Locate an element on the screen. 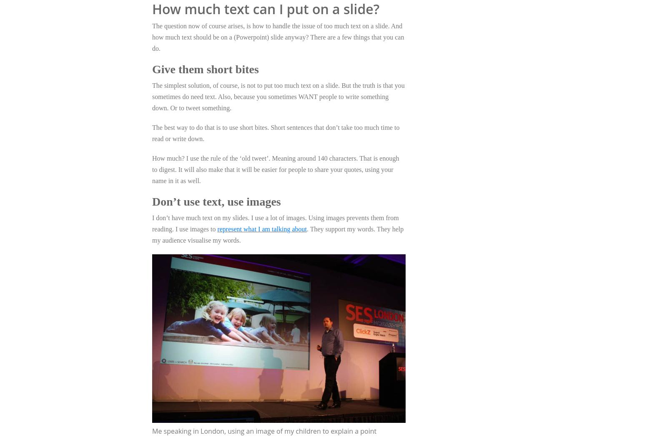  'Don’t use text, use images' is located at coordinates (216, 201).